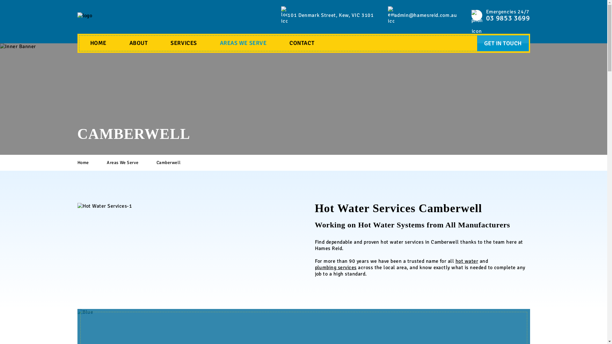 This screenshot has width=612, height=344. What do you see at coordinates (503, 43) in the screenshot?
I see `'GET IN TOUCH'` at bounding box center [503, 43].